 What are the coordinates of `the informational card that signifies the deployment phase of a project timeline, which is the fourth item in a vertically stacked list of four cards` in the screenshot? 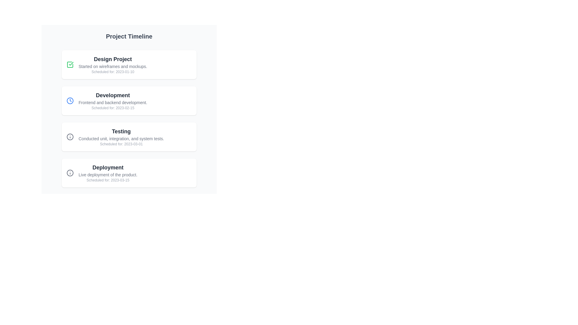 It's located at (129, 173).